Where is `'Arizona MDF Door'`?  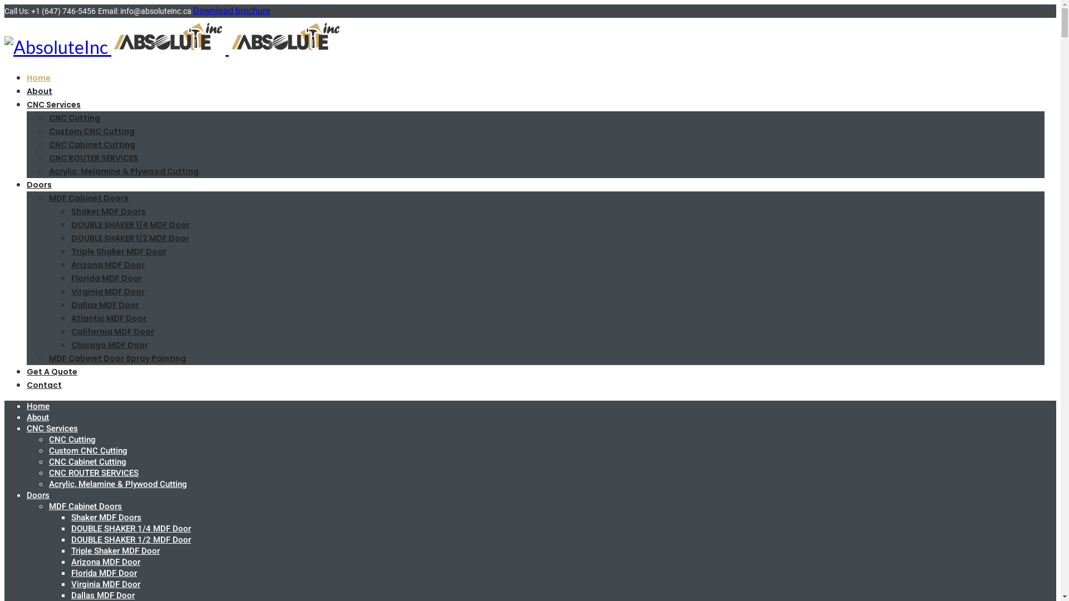 'Arizona MDF Door' is located at coordinates (106, 562).